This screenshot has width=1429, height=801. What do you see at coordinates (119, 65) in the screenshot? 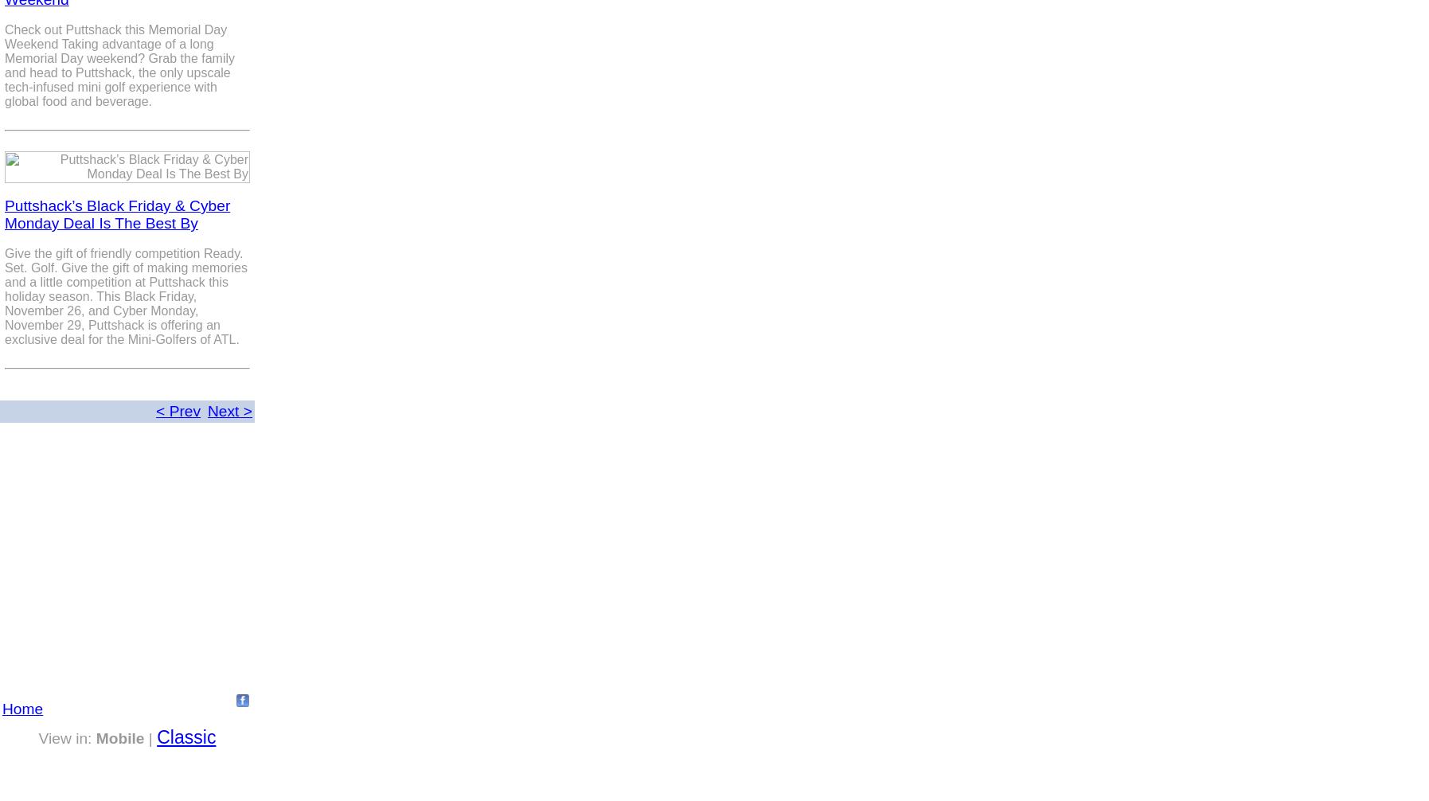
I see `'Check out Puttshack this Memorial Day Weekend Taking advantage of a long Memorial Day weekend?  Grab the family and head to Puttshack, the only upscale tech-infused mini golf experience with global food and beverage.'` at bounding box center [119, 65].